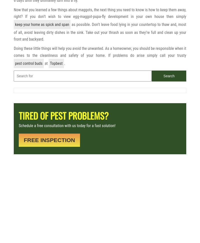  What do you see at coordinates (43, 63) in the screenshot?
I see `'at'` at bounding box center [43, 63].